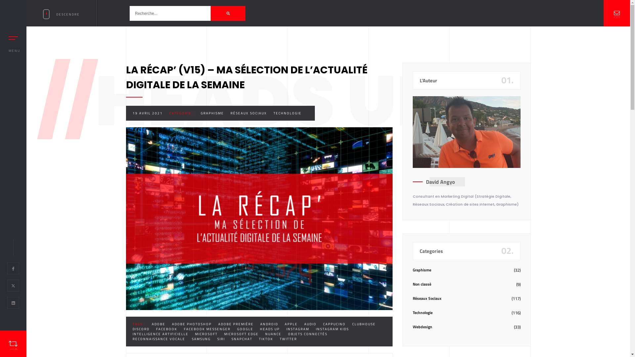 This screenshot has height=357, width=635. I want to click on 'CAPPUCINO', so click(334, 324).